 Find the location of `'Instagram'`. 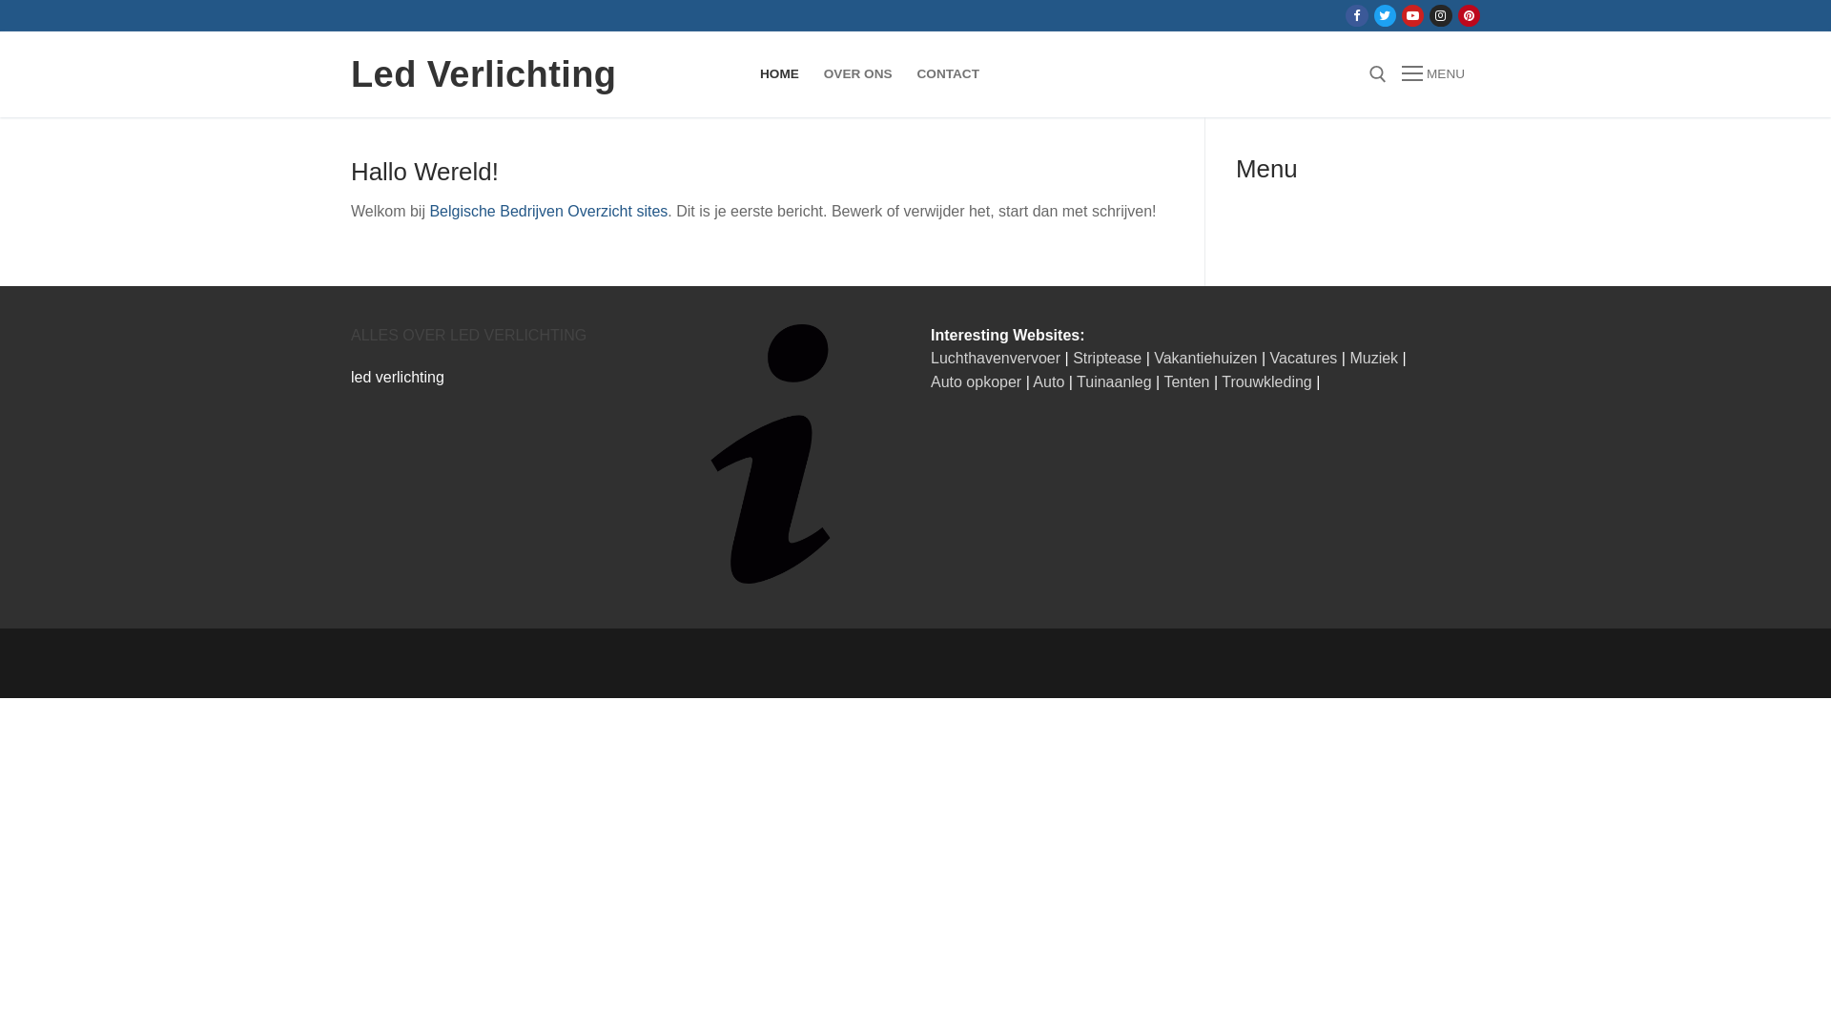

'Instagram' is located at coordinates (1440, 15).